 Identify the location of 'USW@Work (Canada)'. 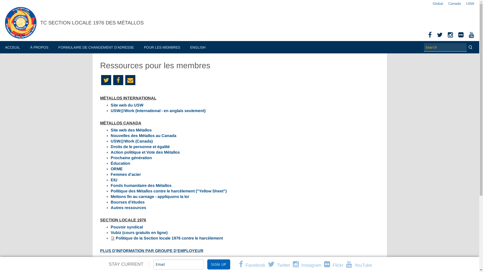
(132, 141).